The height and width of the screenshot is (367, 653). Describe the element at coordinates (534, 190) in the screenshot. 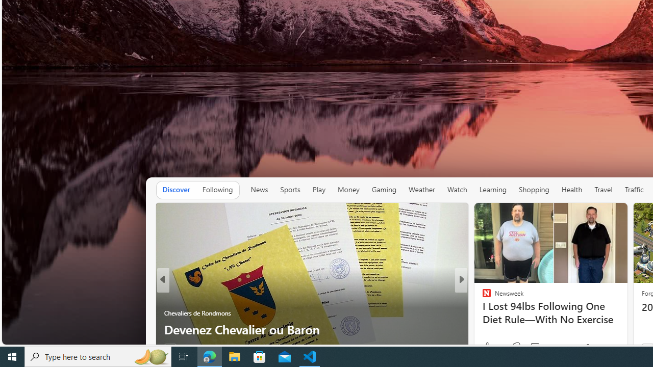

I see `'Shopping'` at that location.